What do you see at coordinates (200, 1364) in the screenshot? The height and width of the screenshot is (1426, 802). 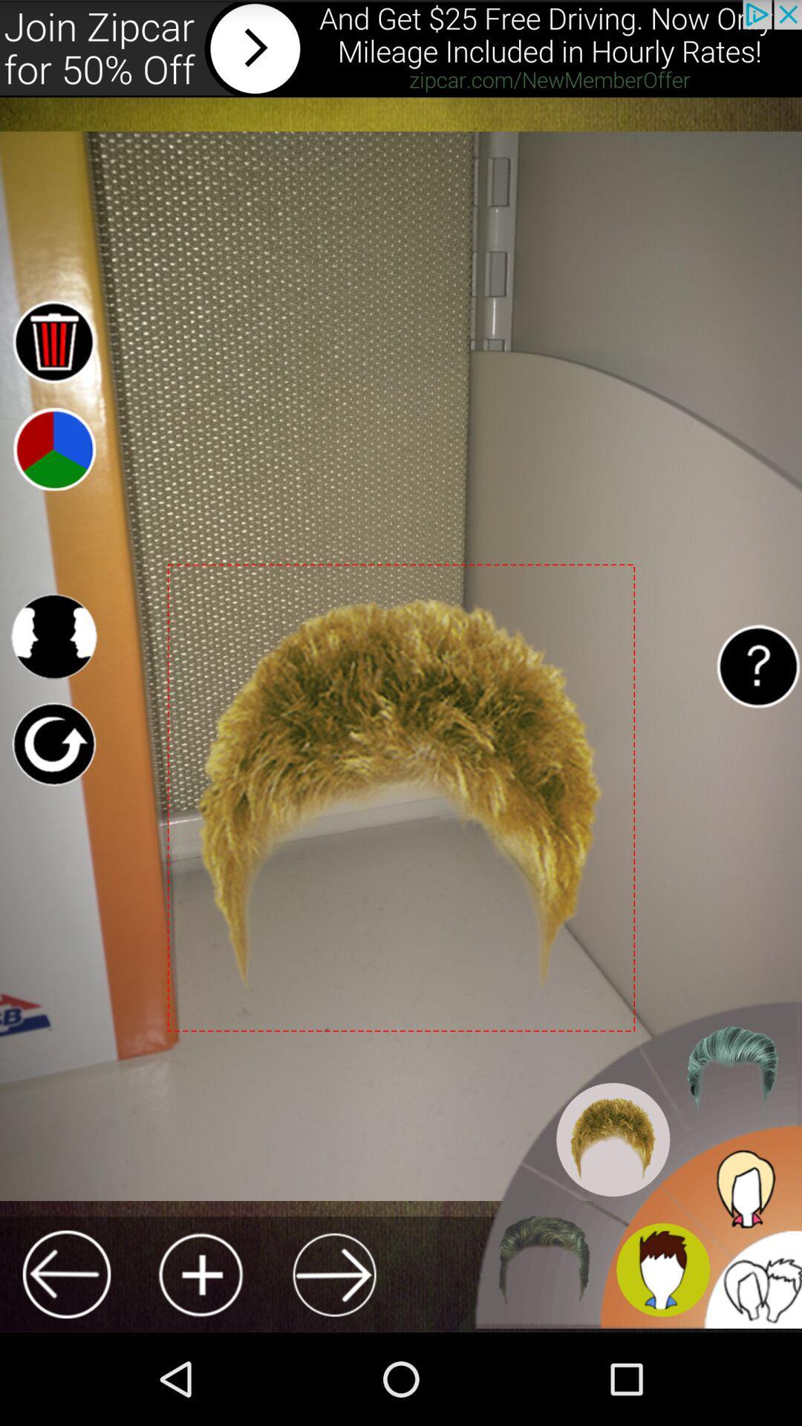 I see `the add icon` at bounding box center [200, 1364].